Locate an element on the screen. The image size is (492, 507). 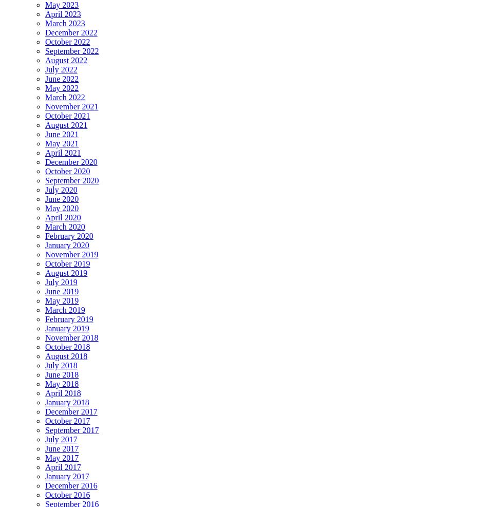
'December 2017' is located at coordinates (71, 411).